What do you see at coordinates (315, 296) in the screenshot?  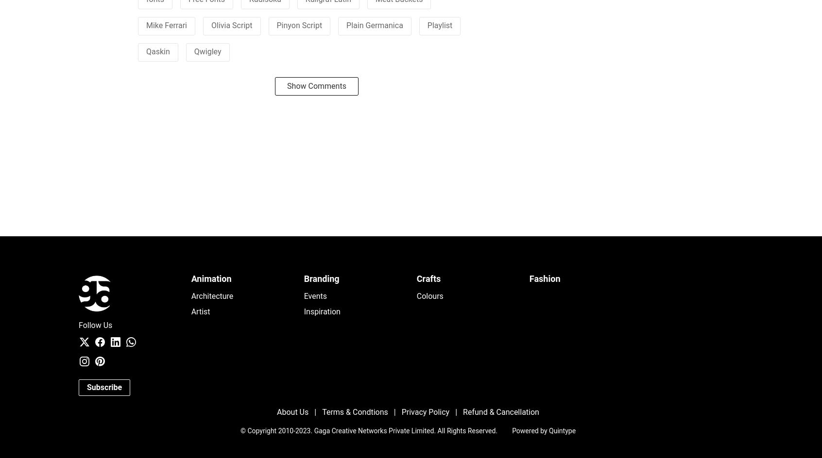 I see `'Events'` at bounding box center [315, 296].